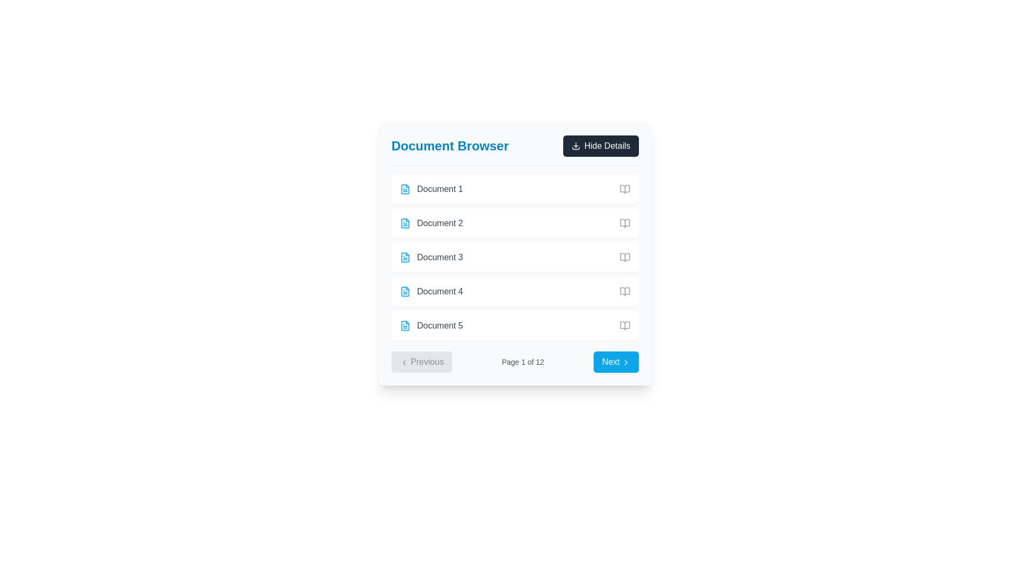 Image resolution: width=1024 pixels, height=576 pixels. Describe the element at coordinates (404, 325) in the screenshot. I see `the document icon representing the fifth item in the vertically arranged document list, located between 'Document 4' and the navigation controls` at that location.